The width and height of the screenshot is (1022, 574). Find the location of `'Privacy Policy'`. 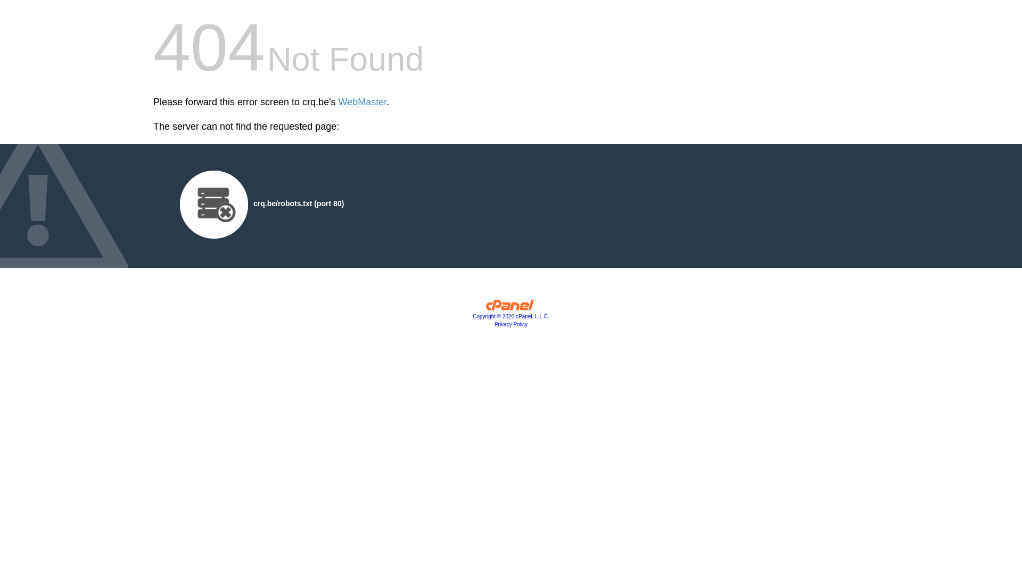

'Privacy Policy' is located at coordinates (511, 324).